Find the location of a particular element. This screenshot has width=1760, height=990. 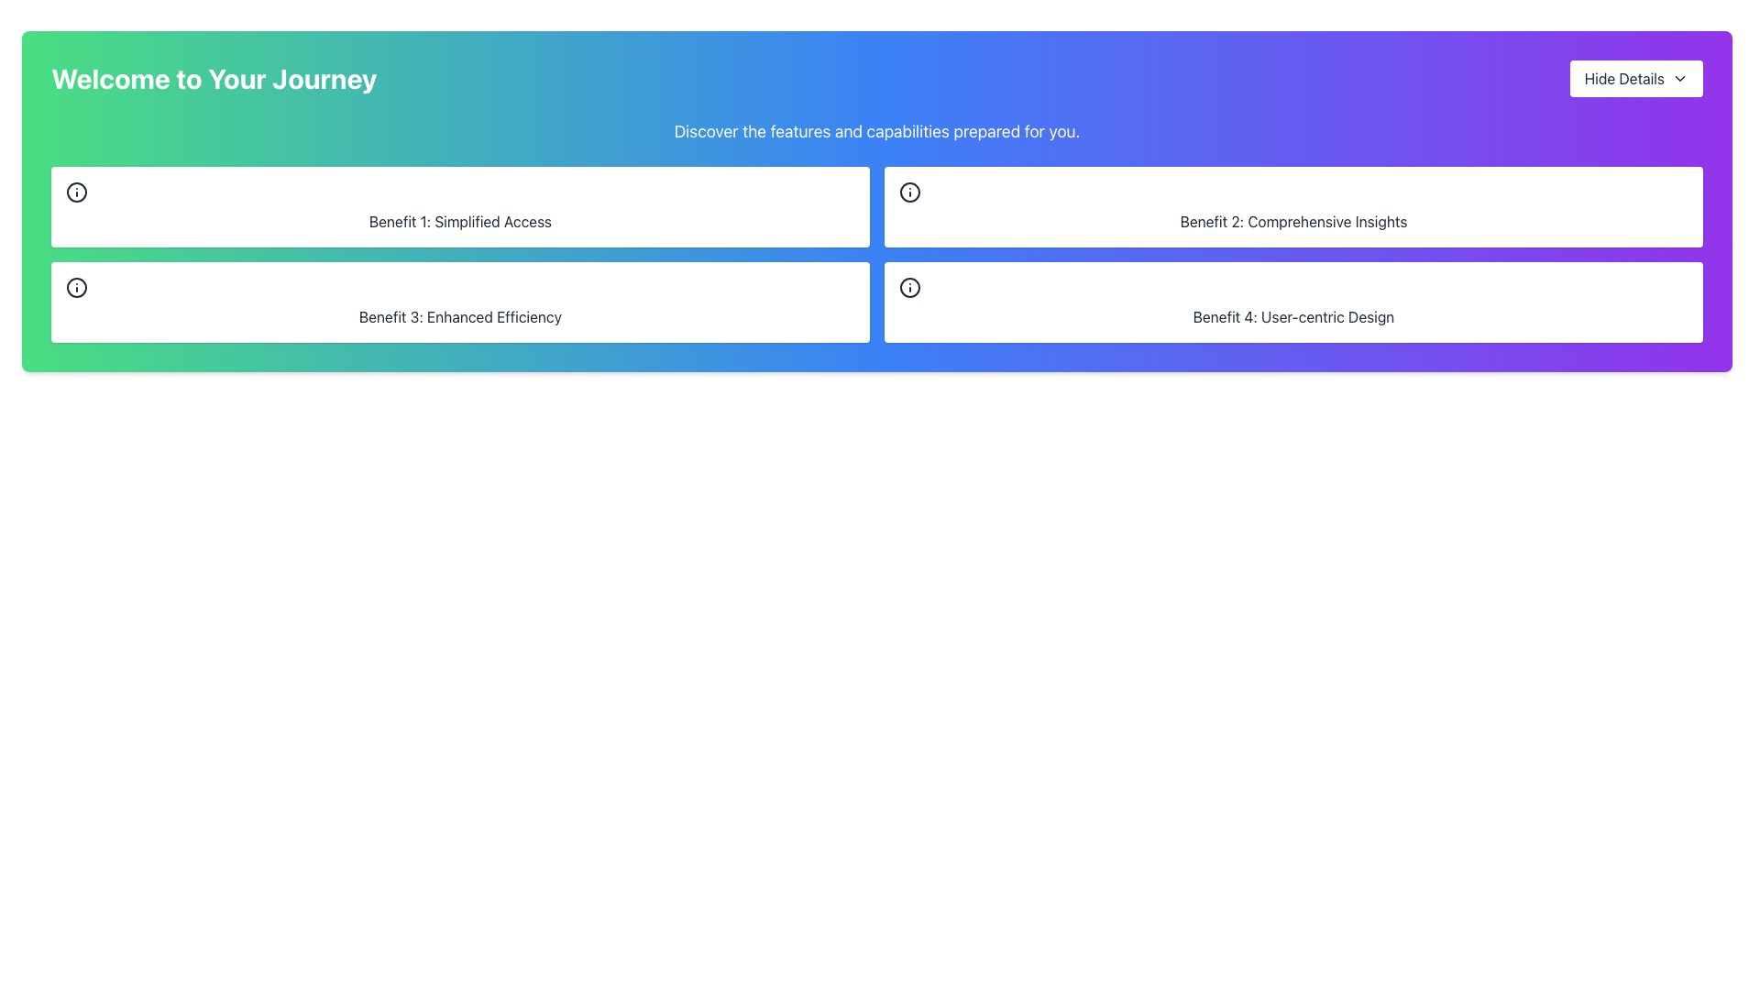

text content of the label displaying 'Benefit 3: Enhanced Efficiency' which is located in the third card of a vertically arranged card layout is located at coordinates (460, 316).